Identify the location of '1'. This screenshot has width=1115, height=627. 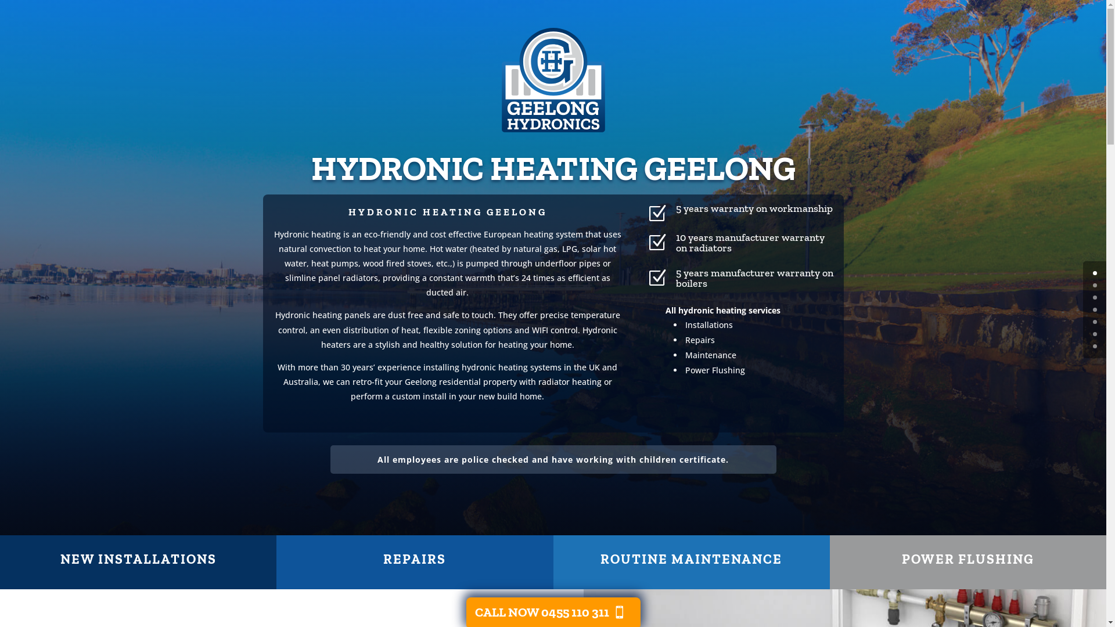
(1094, 285).